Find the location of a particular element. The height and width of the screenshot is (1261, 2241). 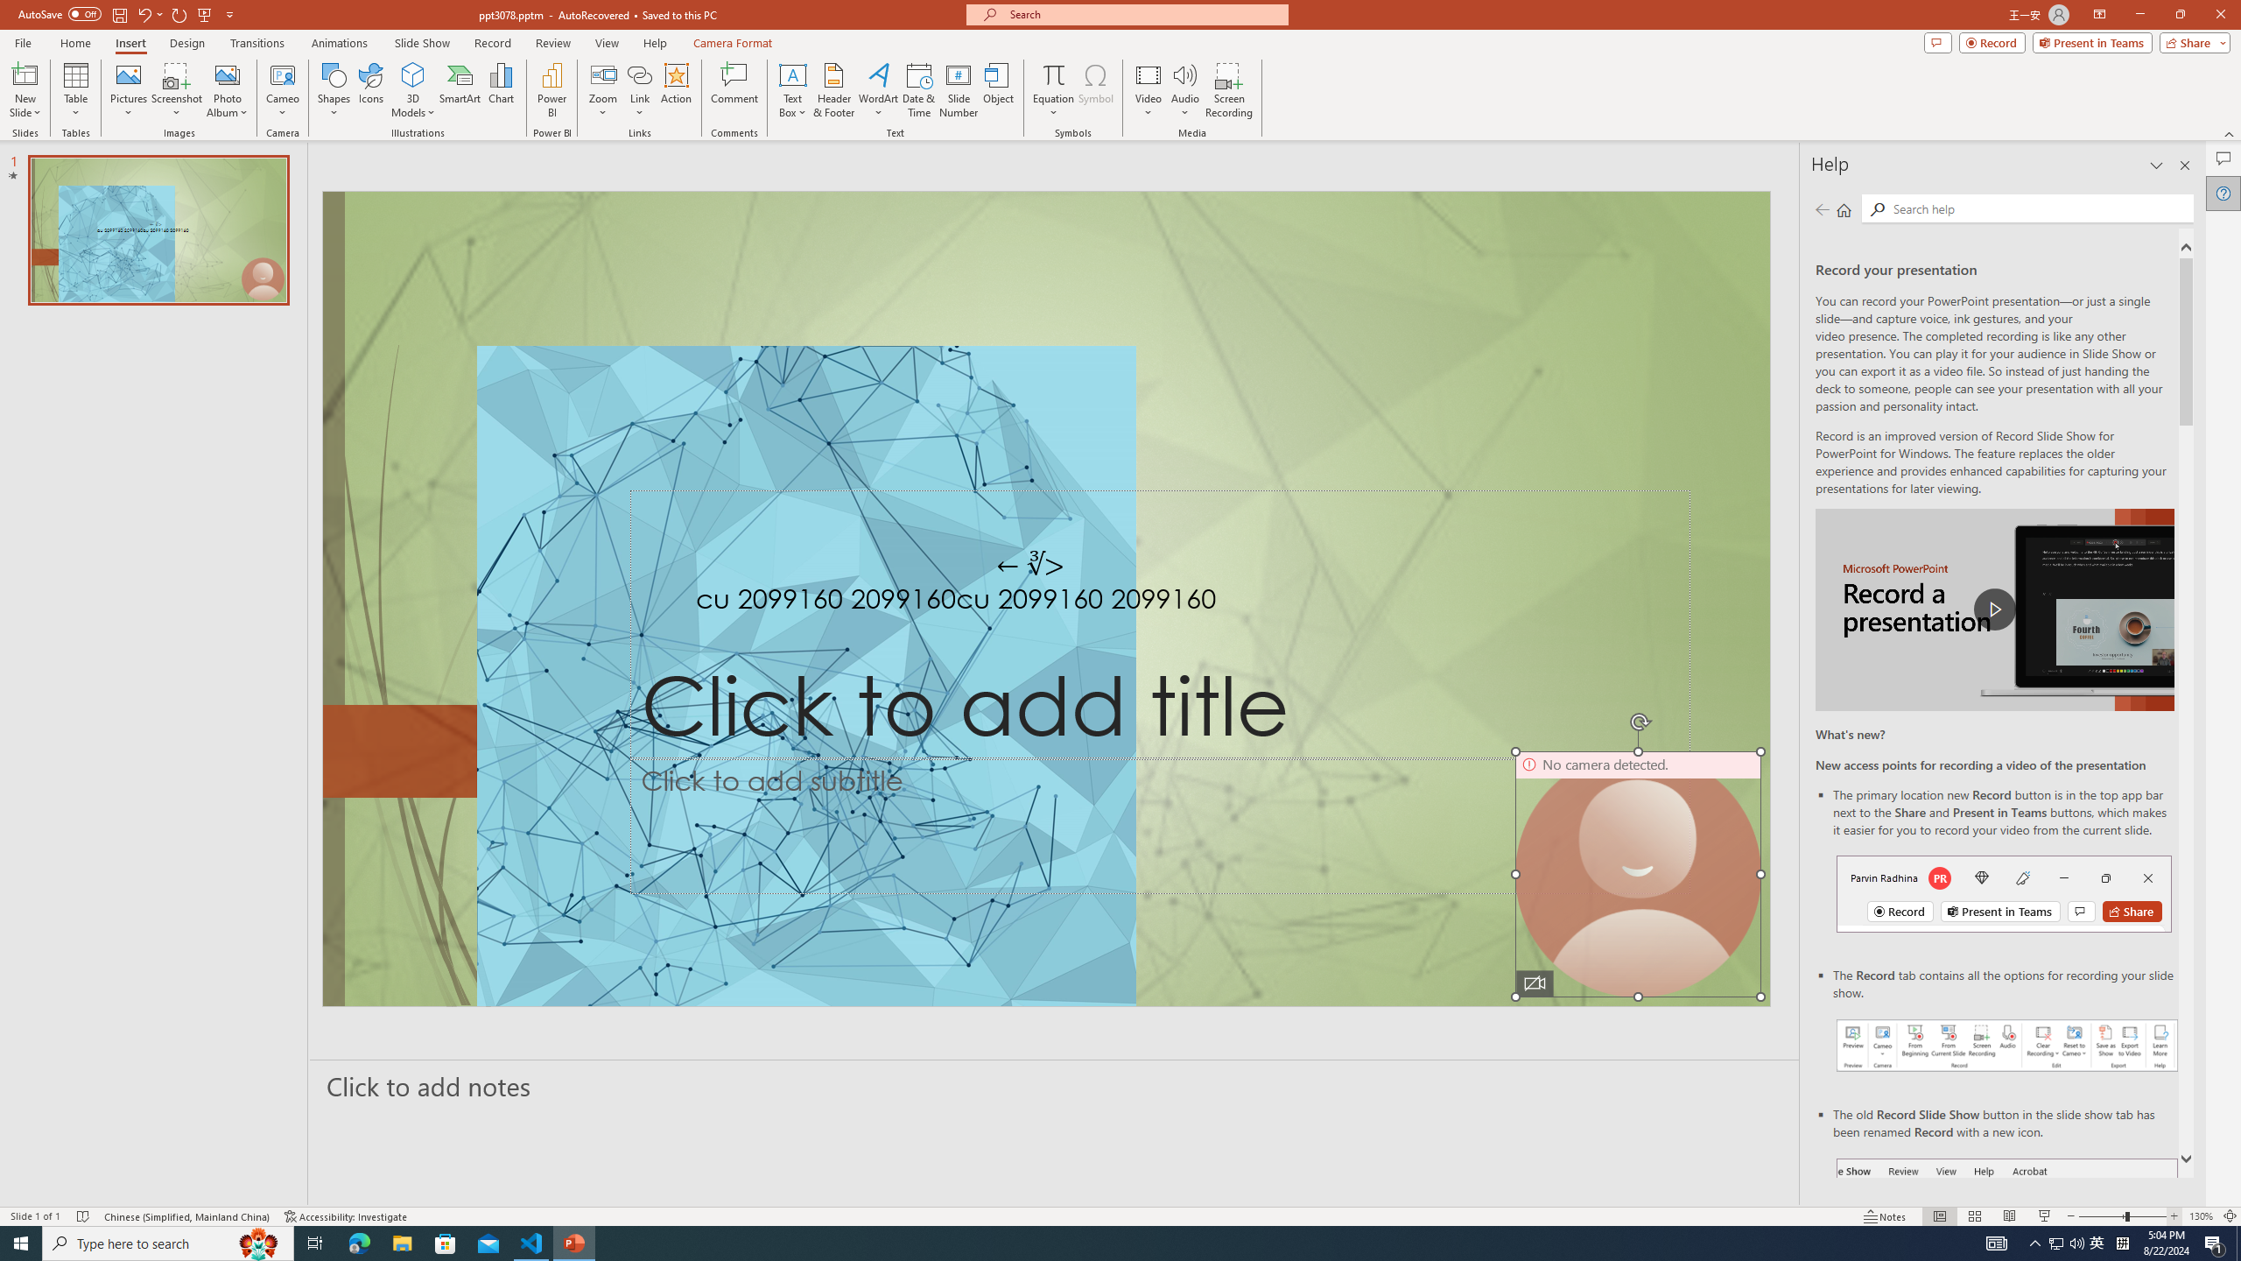

'Date & Time...' is located at coordinates (917, 90).